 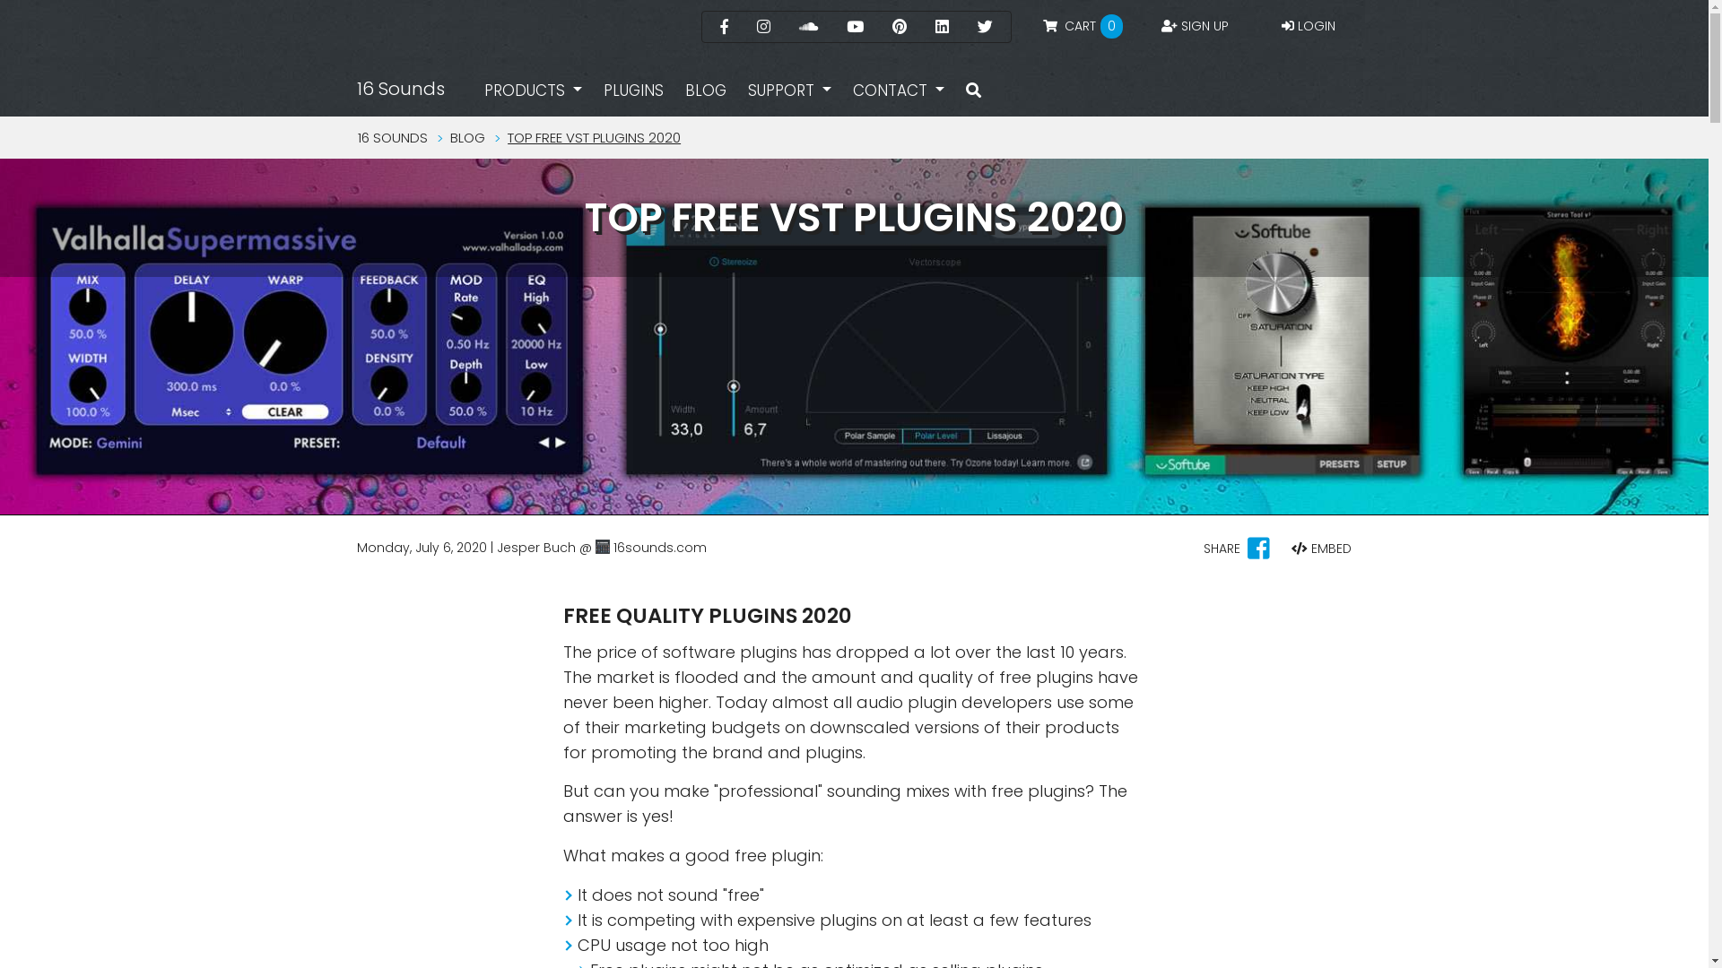 I want to click on 'SIGN UP', so click(x=1195, y=26).